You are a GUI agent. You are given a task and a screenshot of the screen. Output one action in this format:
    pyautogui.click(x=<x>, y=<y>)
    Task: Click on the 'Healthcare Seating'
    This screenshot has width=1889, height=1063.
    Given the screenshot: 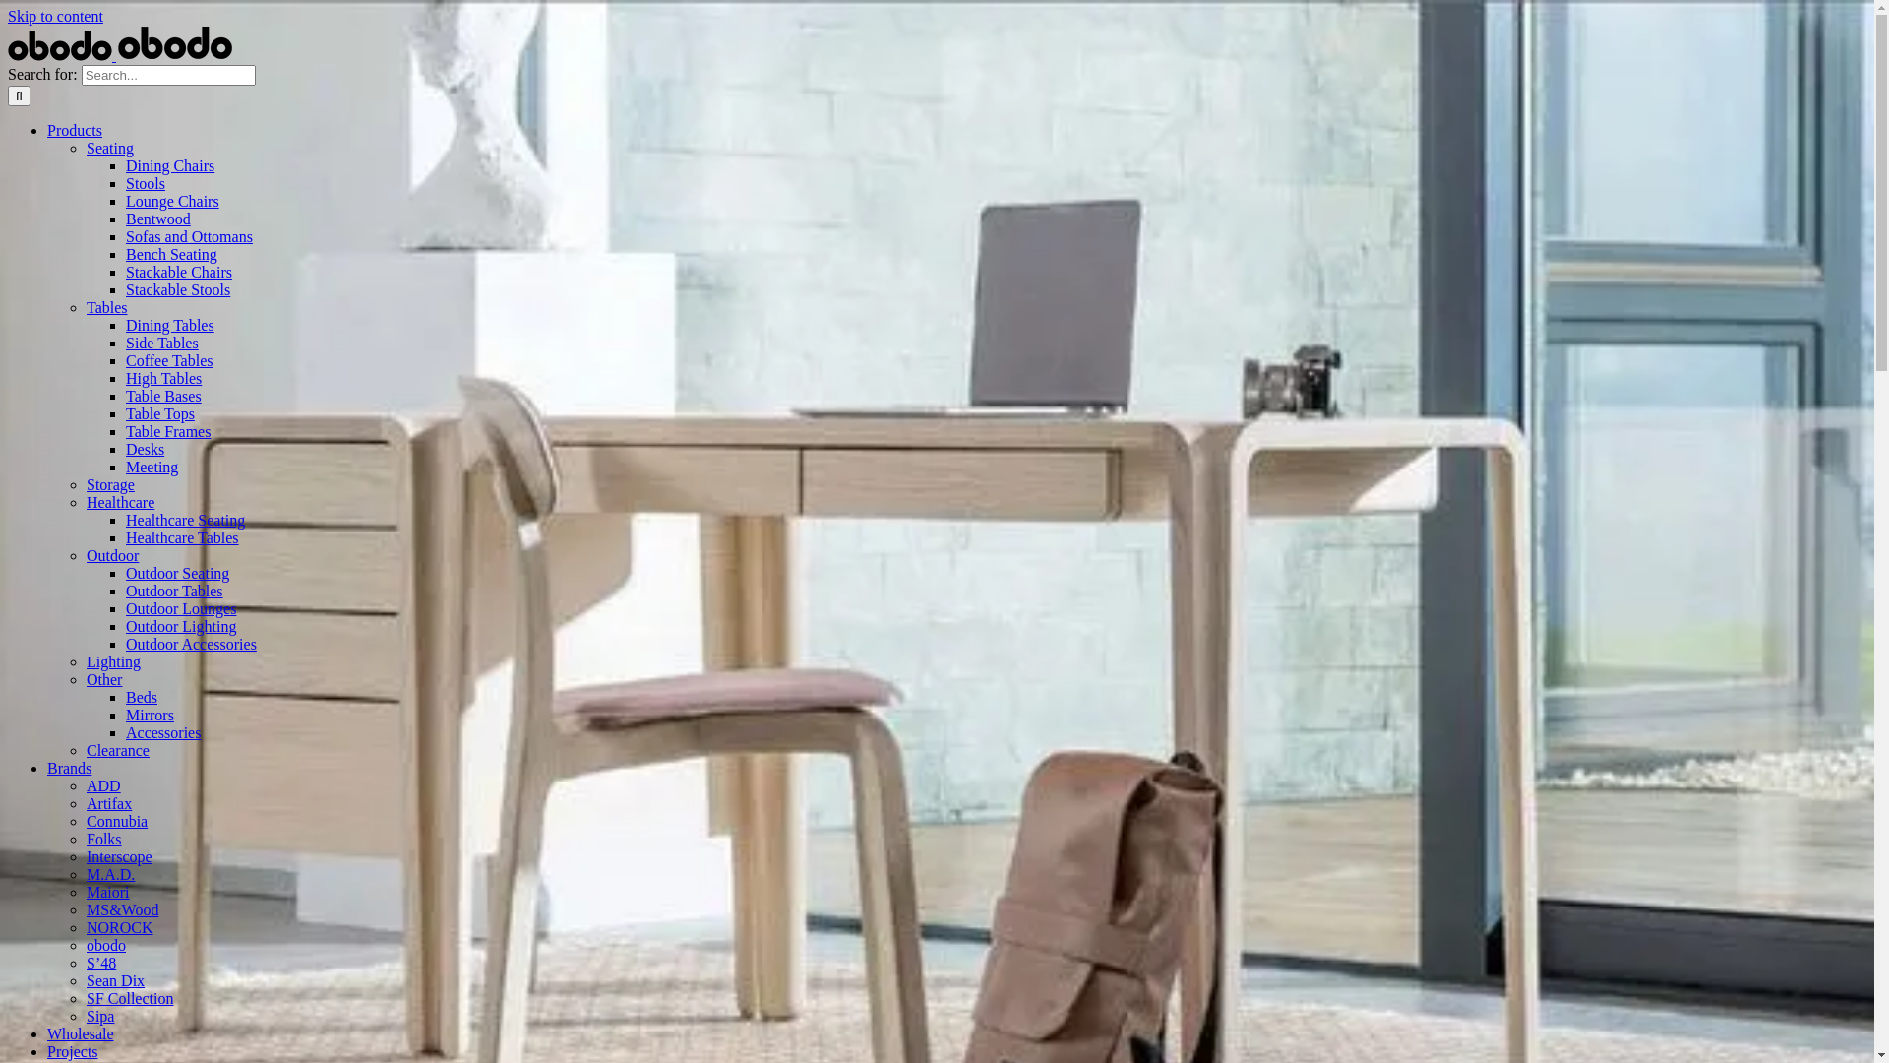 What is the action you would take?
    pyautogui.click(x=185, y=519)
    